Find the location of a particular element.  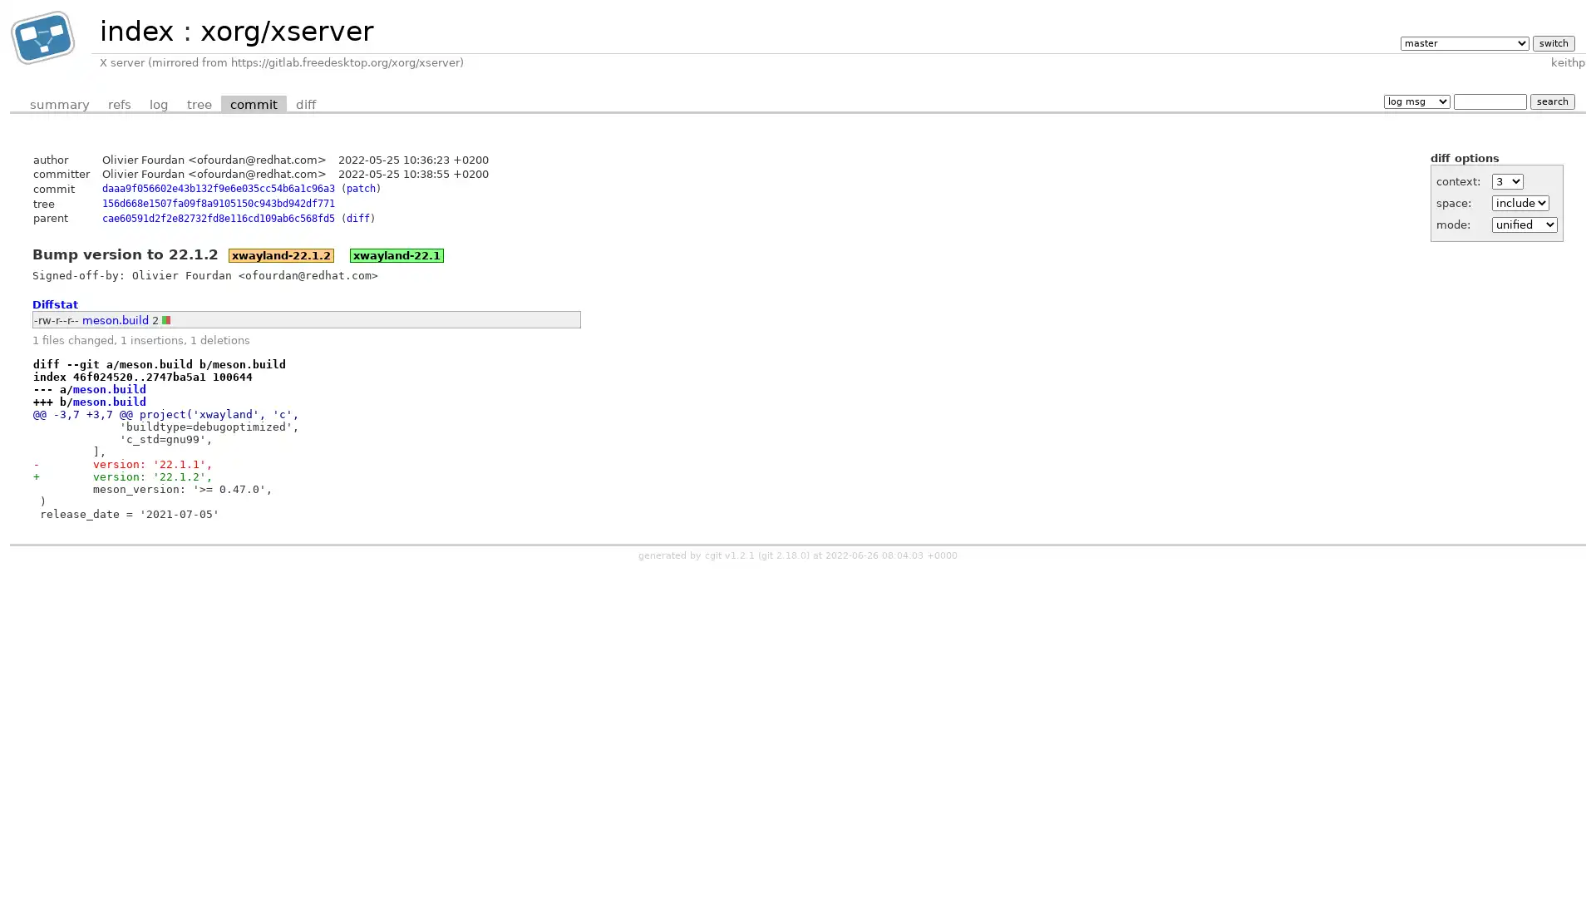

search is located at coordinates (1551, 101).